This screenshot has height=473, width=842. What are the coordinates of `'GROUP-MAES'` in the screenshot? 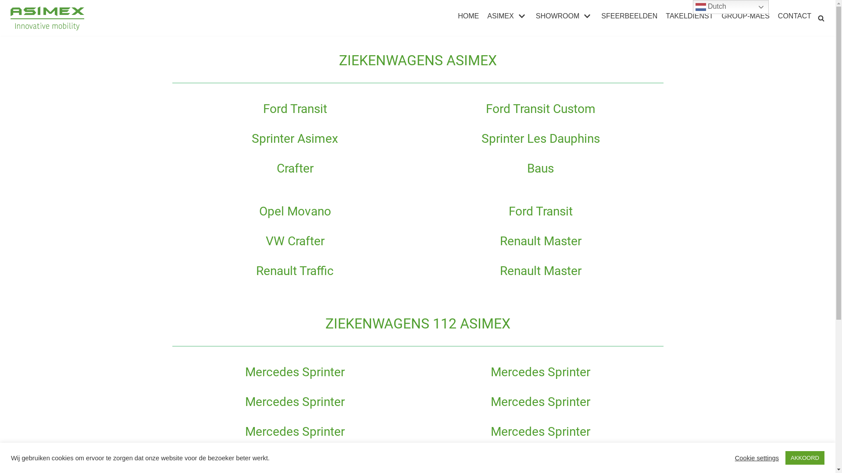 It's located at (745, 16).